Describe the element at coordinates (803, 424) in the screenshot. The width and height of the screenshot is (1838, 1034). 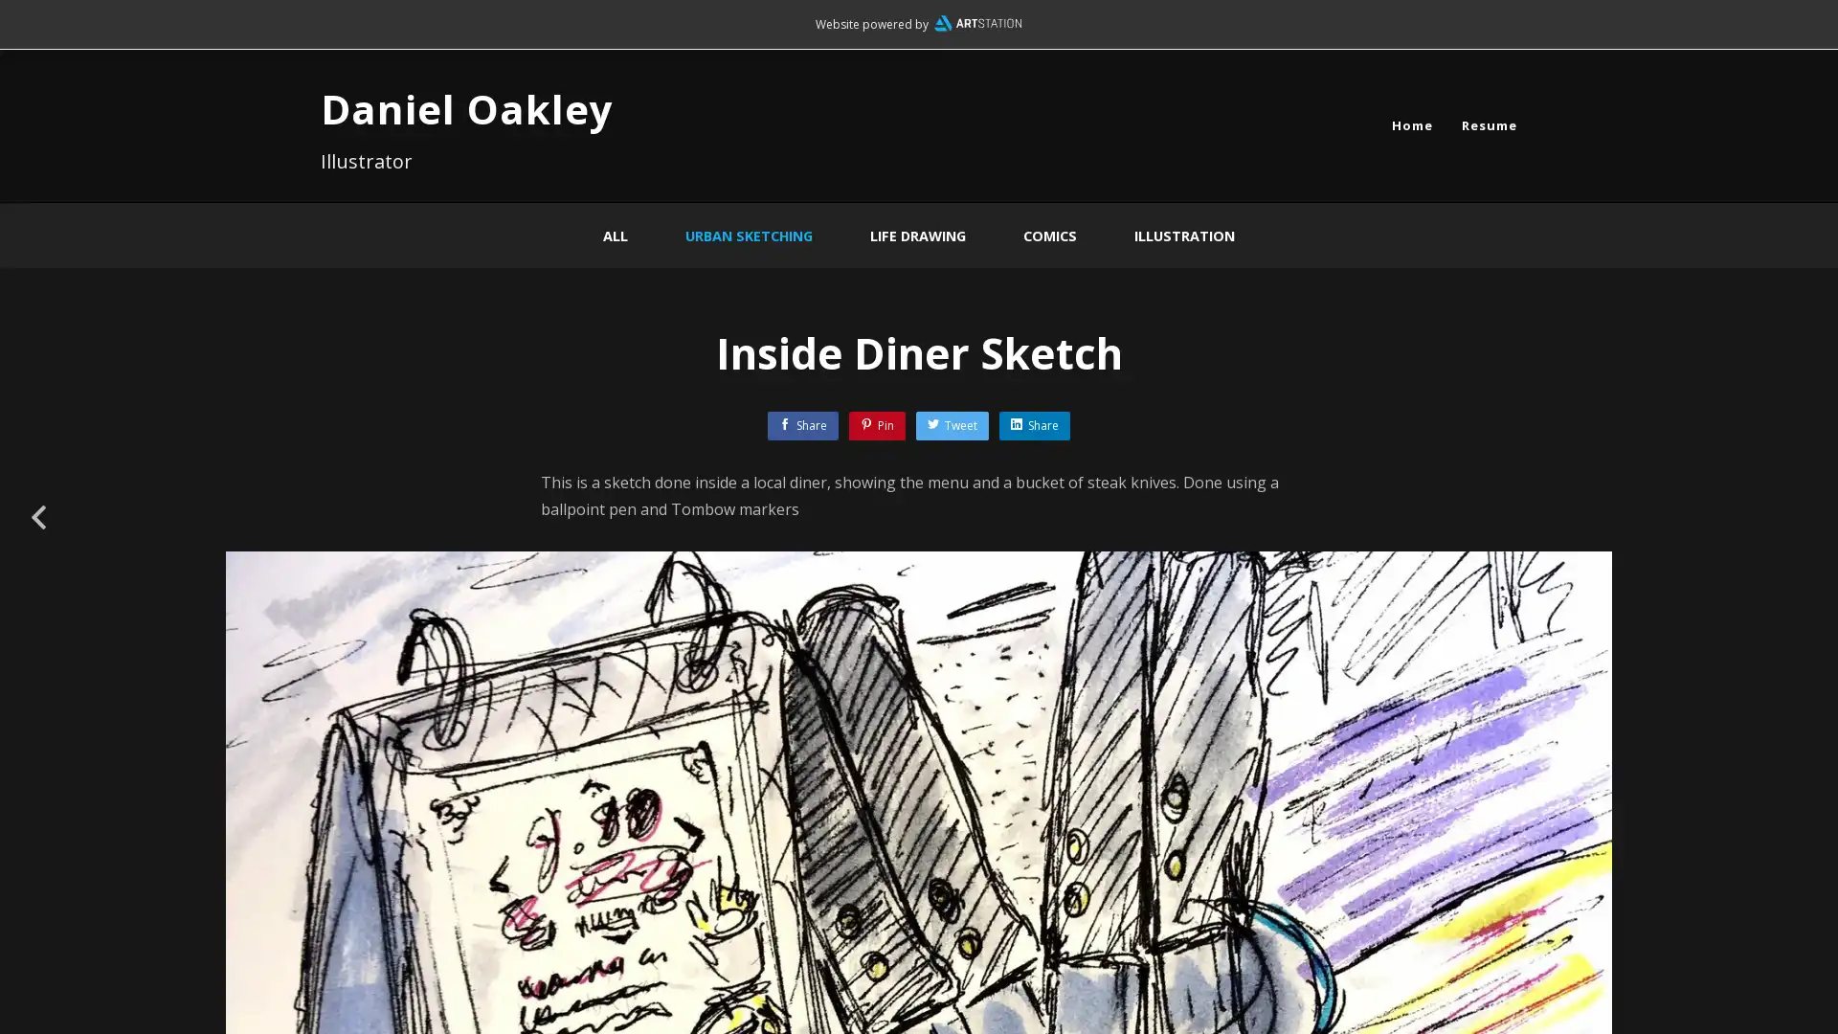
I see `Share` at that location.